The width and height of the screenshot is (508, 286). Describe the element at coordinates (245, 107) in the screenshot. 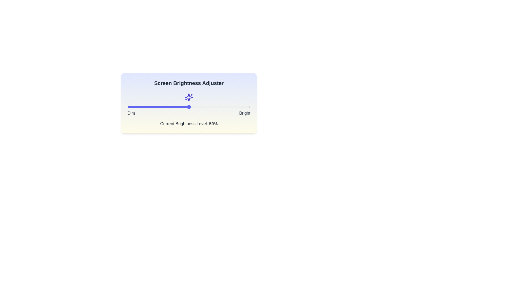

I see `the brightness slider to 96% to observe the icon change` at that location.